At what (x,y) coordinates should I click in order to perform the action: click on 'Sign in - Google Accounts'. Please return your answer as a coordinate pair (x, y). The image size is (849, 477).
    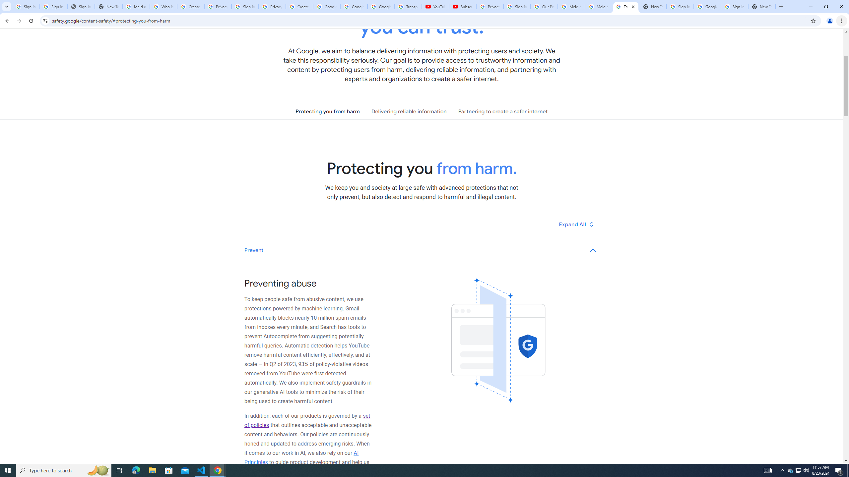
    Looking at the image, I should click on (53, 6).